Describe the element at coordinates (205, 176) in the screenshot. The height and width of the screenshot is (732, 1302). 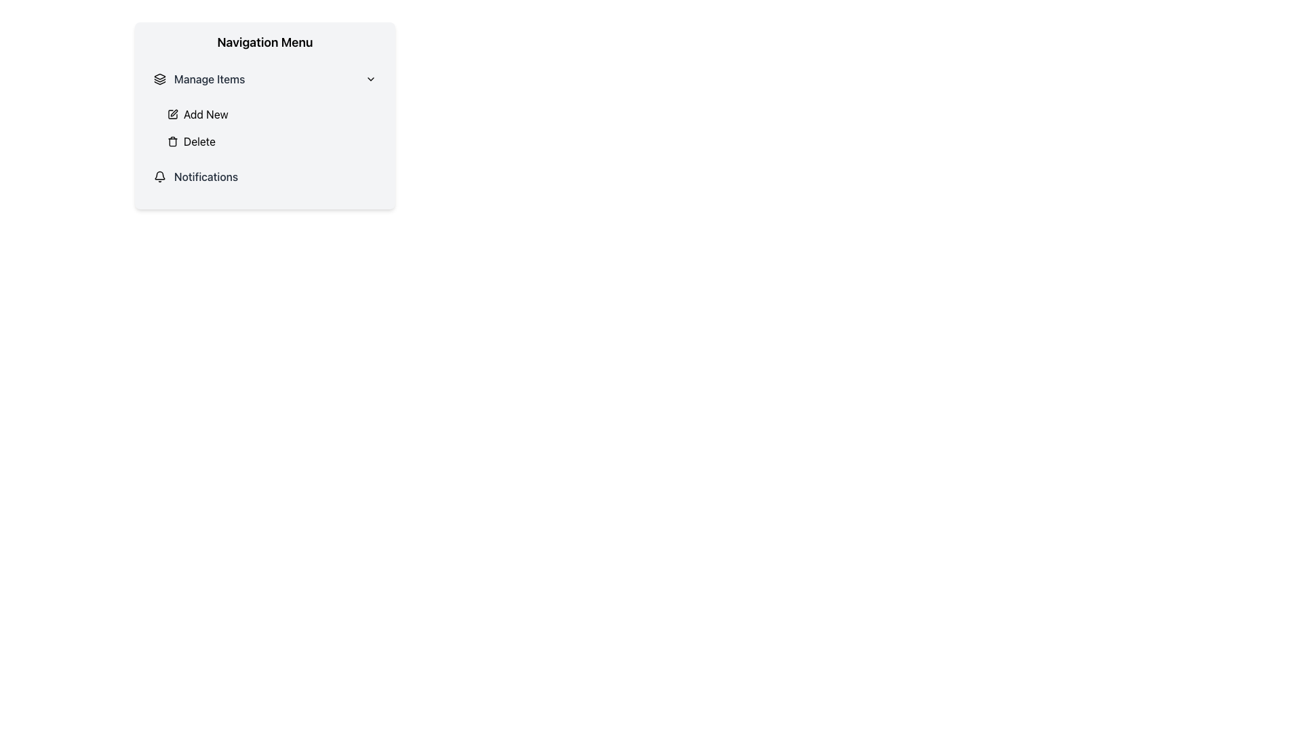
I see `the 'Notifications' static label in the navigation menu, which is styled in gray and positioned to the right of a bell icon` at that location.